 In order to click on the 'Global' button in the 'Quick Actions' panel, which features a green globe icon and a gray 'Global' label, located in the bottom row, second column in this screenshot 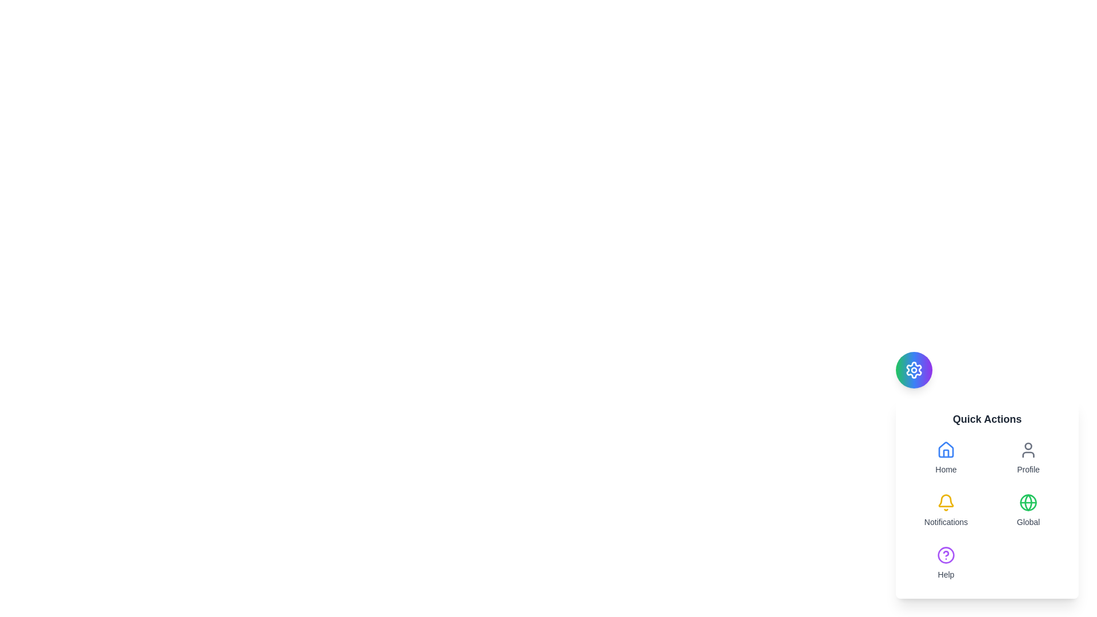, I will do `click(1028, 510)`.